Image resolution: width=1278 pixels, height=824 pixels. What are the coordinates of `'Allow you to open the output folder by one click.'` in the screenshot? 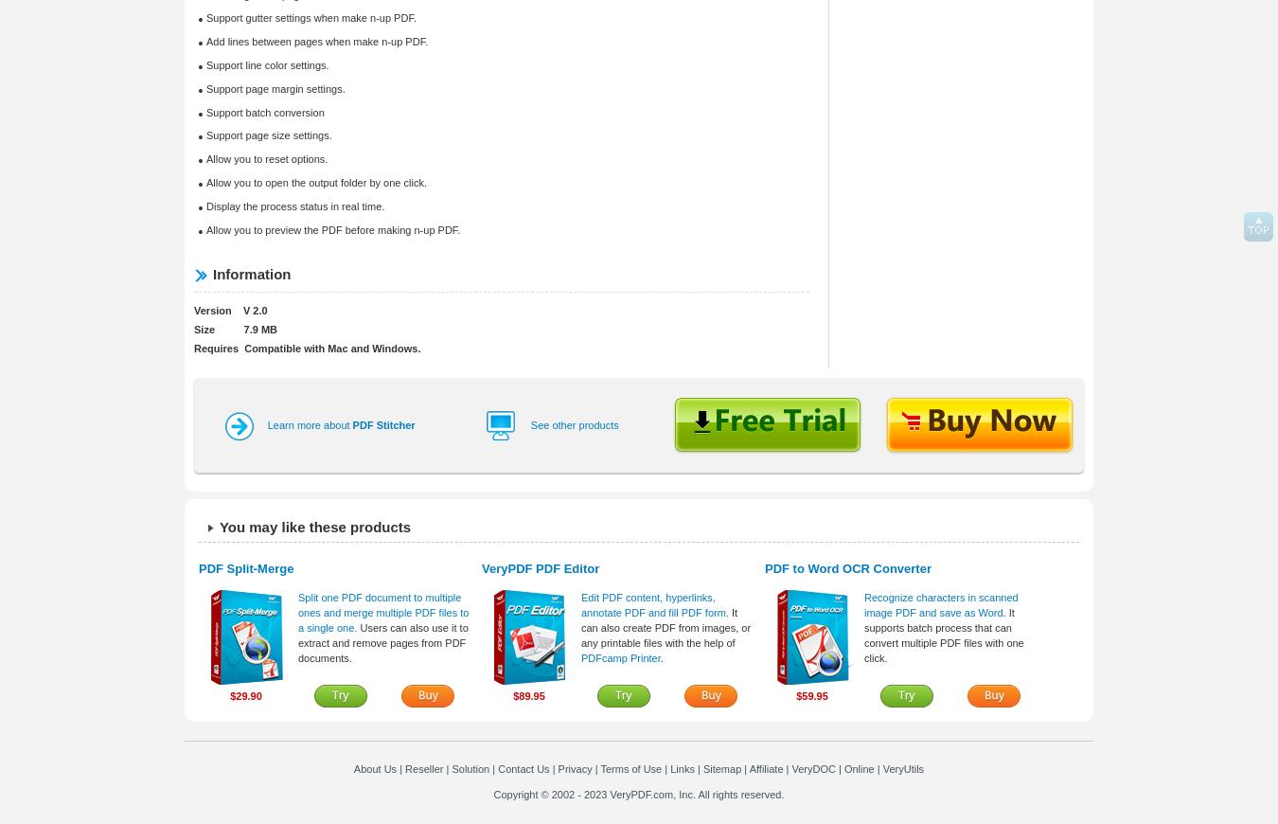 It's located at (314, 181).